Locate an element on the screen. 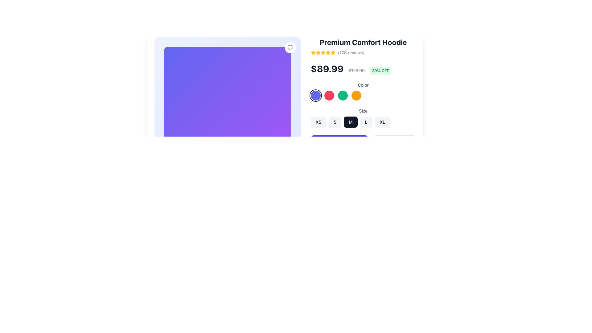  the fourth star icon, which is a yellow star located adjacent to the product title 'Premium Comfort Hoodie' and above the review count '(128 reviews)' is located at coordinates (327, 52).